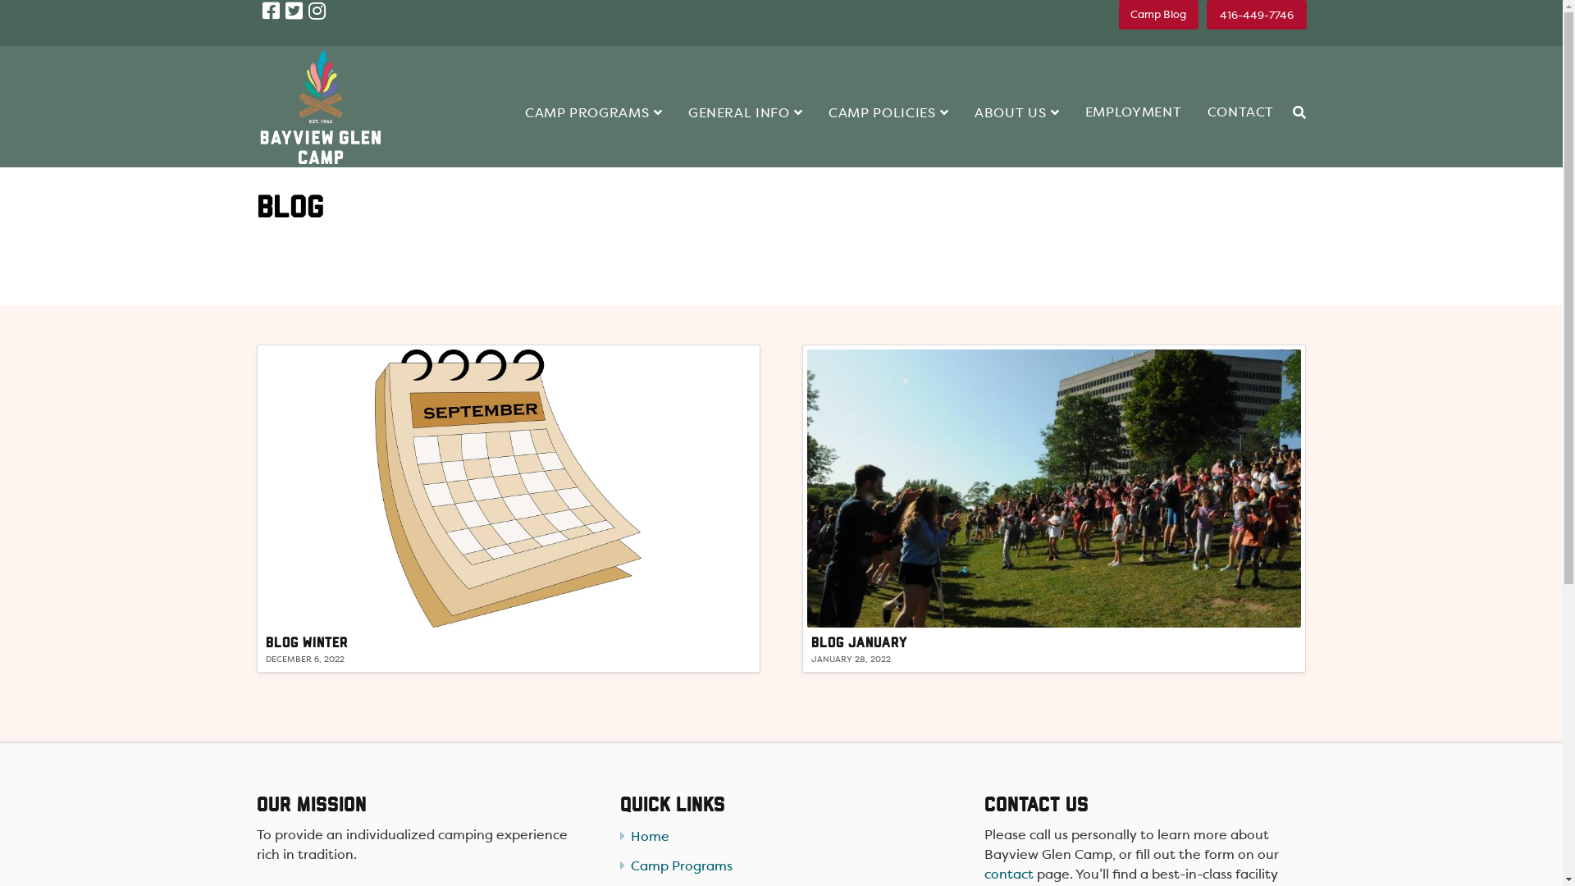 This screenshot has height=886, width=1575. I want to click on 'ABOUT US', so click(975, 82).